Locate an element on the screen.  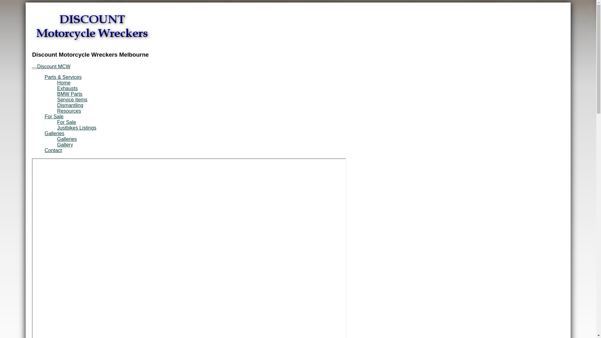
'Home' is located at coordinates (64, 82).